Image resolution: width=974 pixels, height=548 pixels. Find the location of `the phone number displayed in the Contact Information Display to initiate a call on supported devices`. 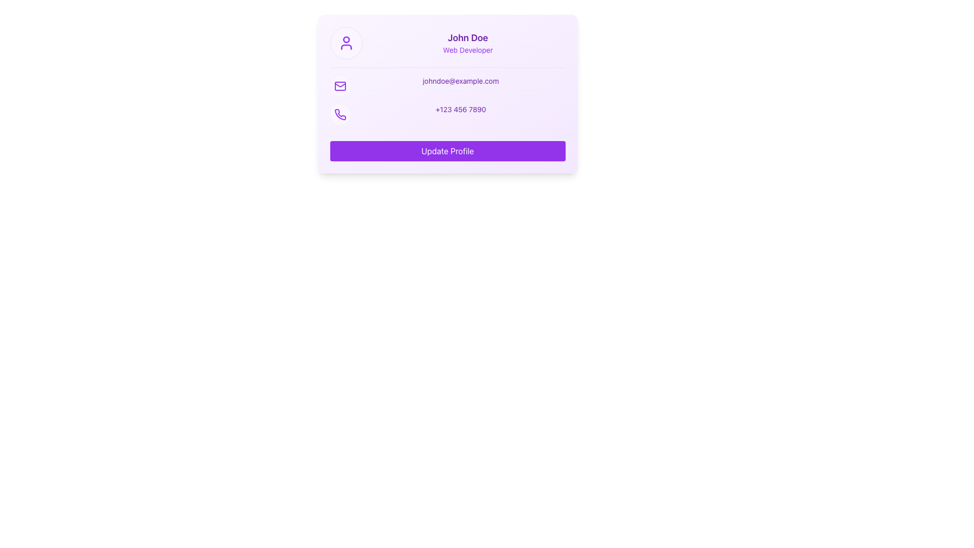

the phone number displayed in the Contact Information Display to initiate a call on supported devices is located at coordinates (447, 100).